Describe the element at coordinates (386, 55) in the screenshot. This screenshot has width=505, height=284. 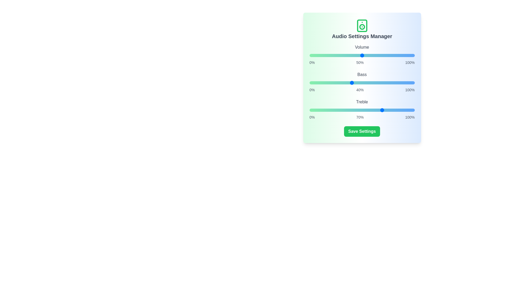
I see `the volume slider to 73%` at that location.